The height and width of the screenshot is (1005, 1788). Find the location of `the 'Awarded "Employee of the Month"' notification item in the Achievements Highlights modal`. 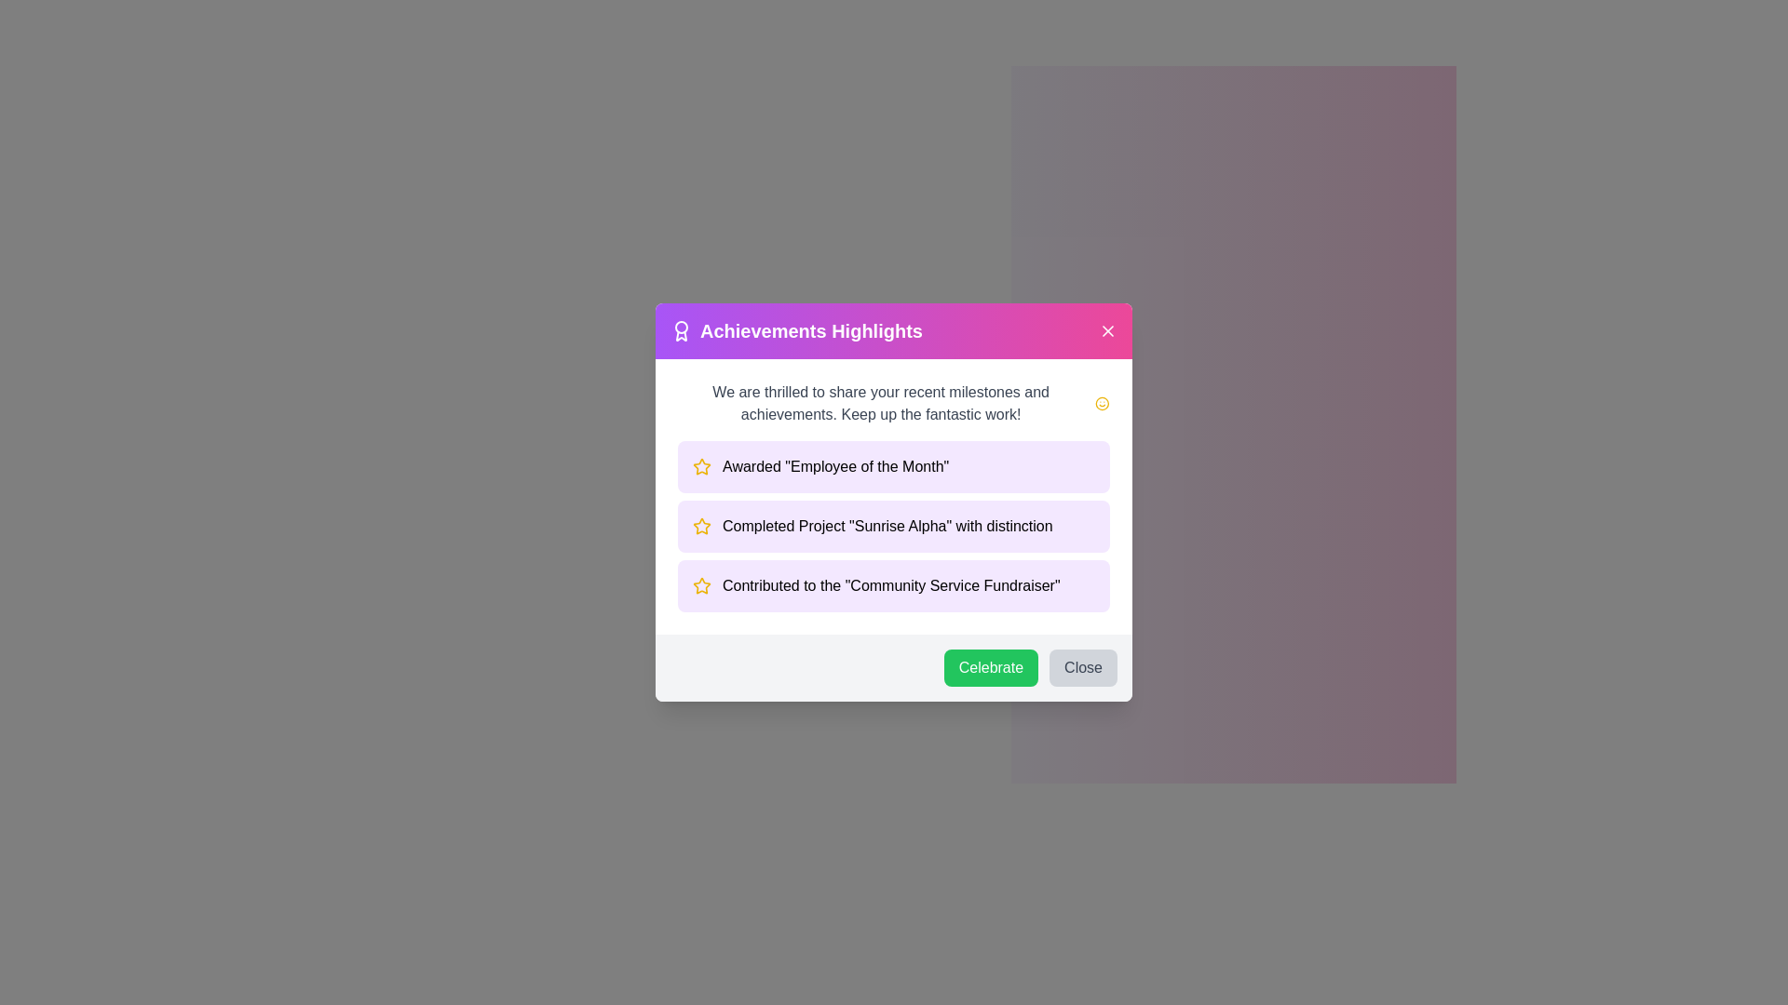

the 'Awarded "Employee of the Month"' notification item in the Achievements Highlights modal is located at coordinates (894, 465).